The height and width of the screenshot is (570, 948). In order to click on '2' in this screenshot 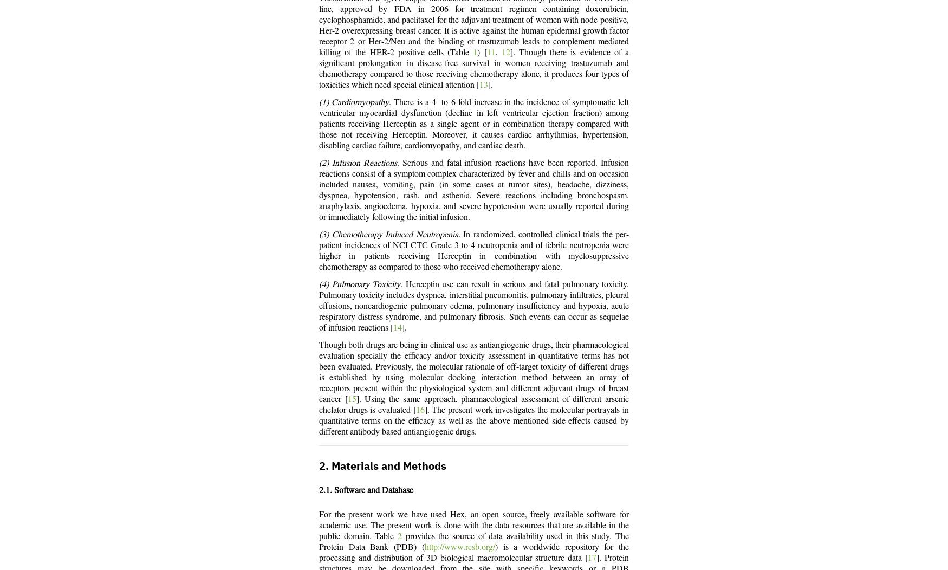, I will do `click(399, 536)`.